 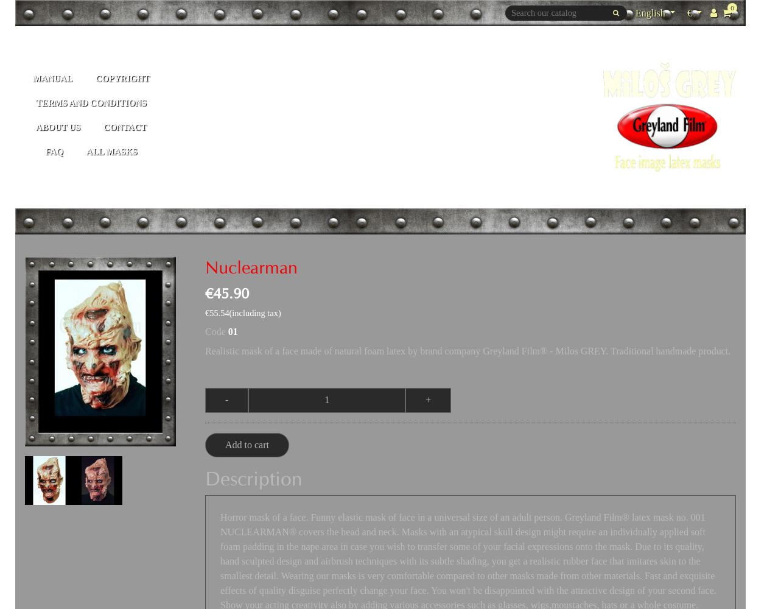 What do you see at coordinates (646, 99) in the screenshot?
I see `'Français'` at bounding box center [646, 99].